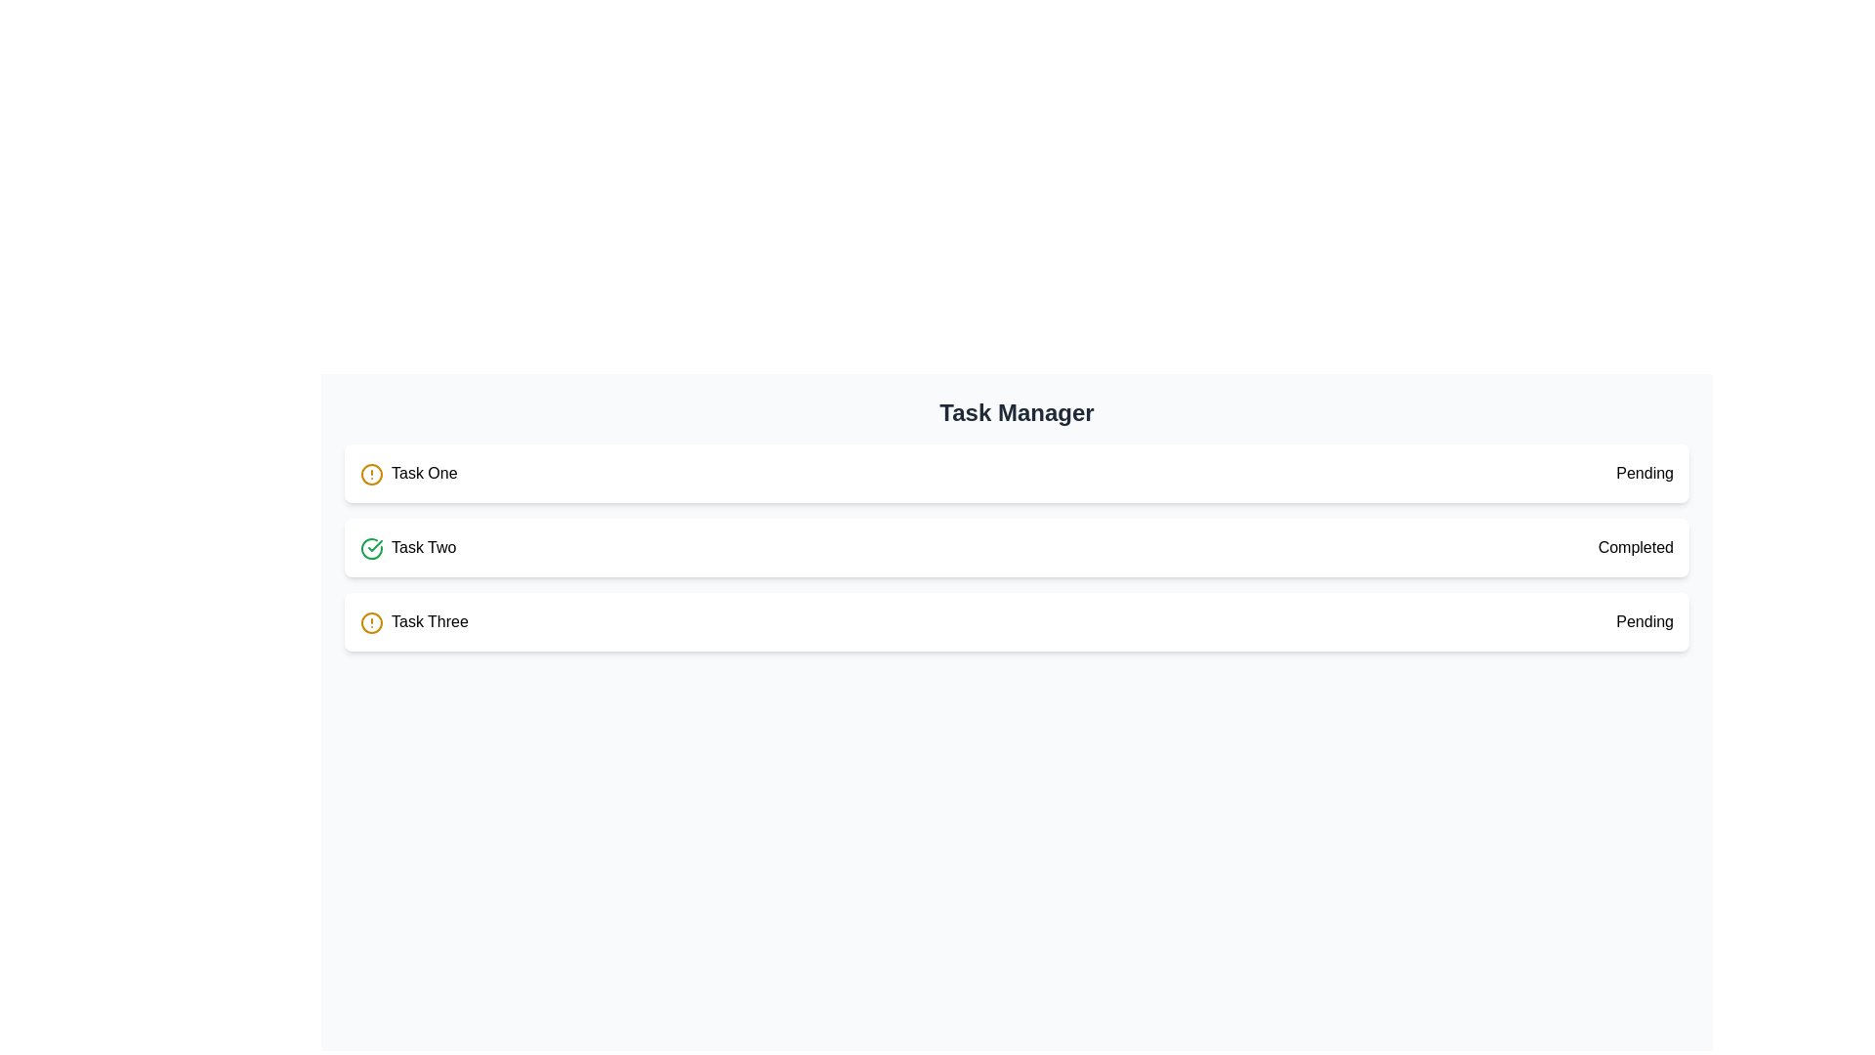  What do you see at coordinates (429, 621) in the screenshot?
I see `the text label for task three, which is positioned under the 'Task Manager' header, aligned with an alert icon on the left and the text 'Pending' on the right` at bounding box center [429, 621].